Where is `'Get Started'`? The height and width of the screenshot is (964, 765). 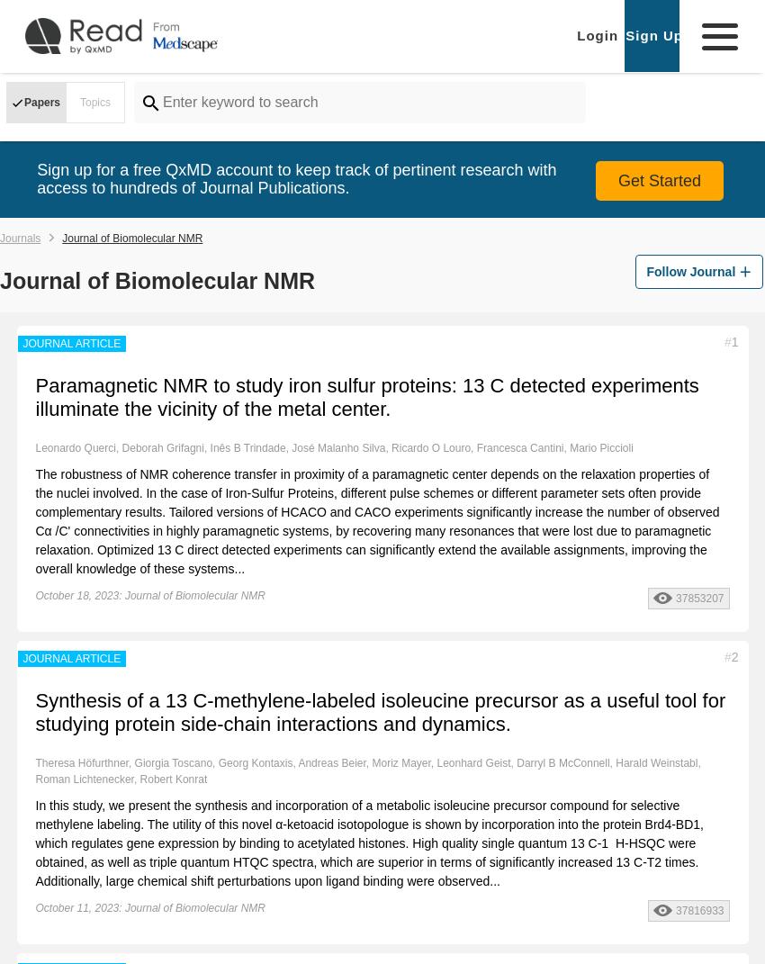 'Get Started' is located at coordinates (660, 180).